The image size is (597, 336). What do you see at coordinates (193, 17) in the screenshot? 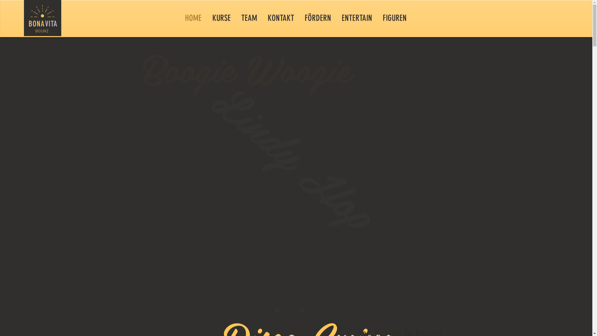
I see `'HOME'` at bounding box center [193, 17].